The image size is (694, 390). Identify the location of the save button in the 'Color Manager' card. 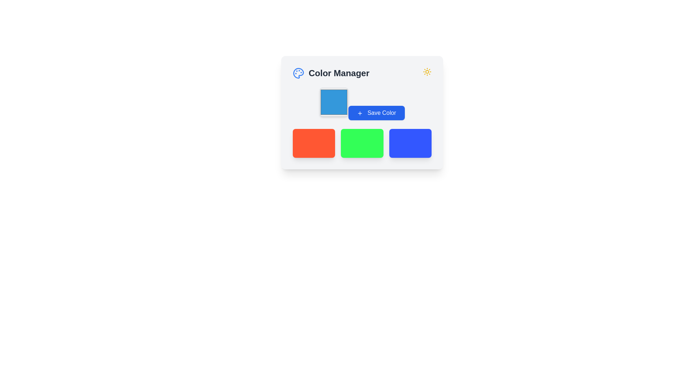
(376, 113).